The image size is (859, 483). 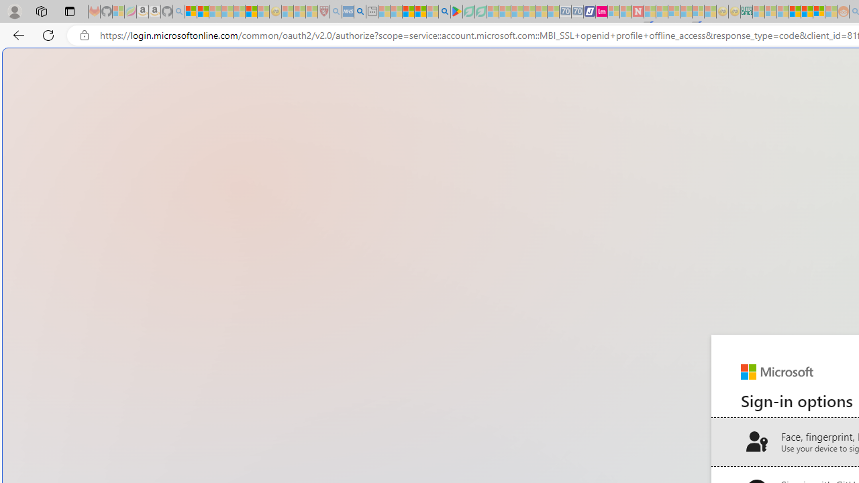 I want to click on 'utah sues federal government - Search', so click(x=360, y=11).